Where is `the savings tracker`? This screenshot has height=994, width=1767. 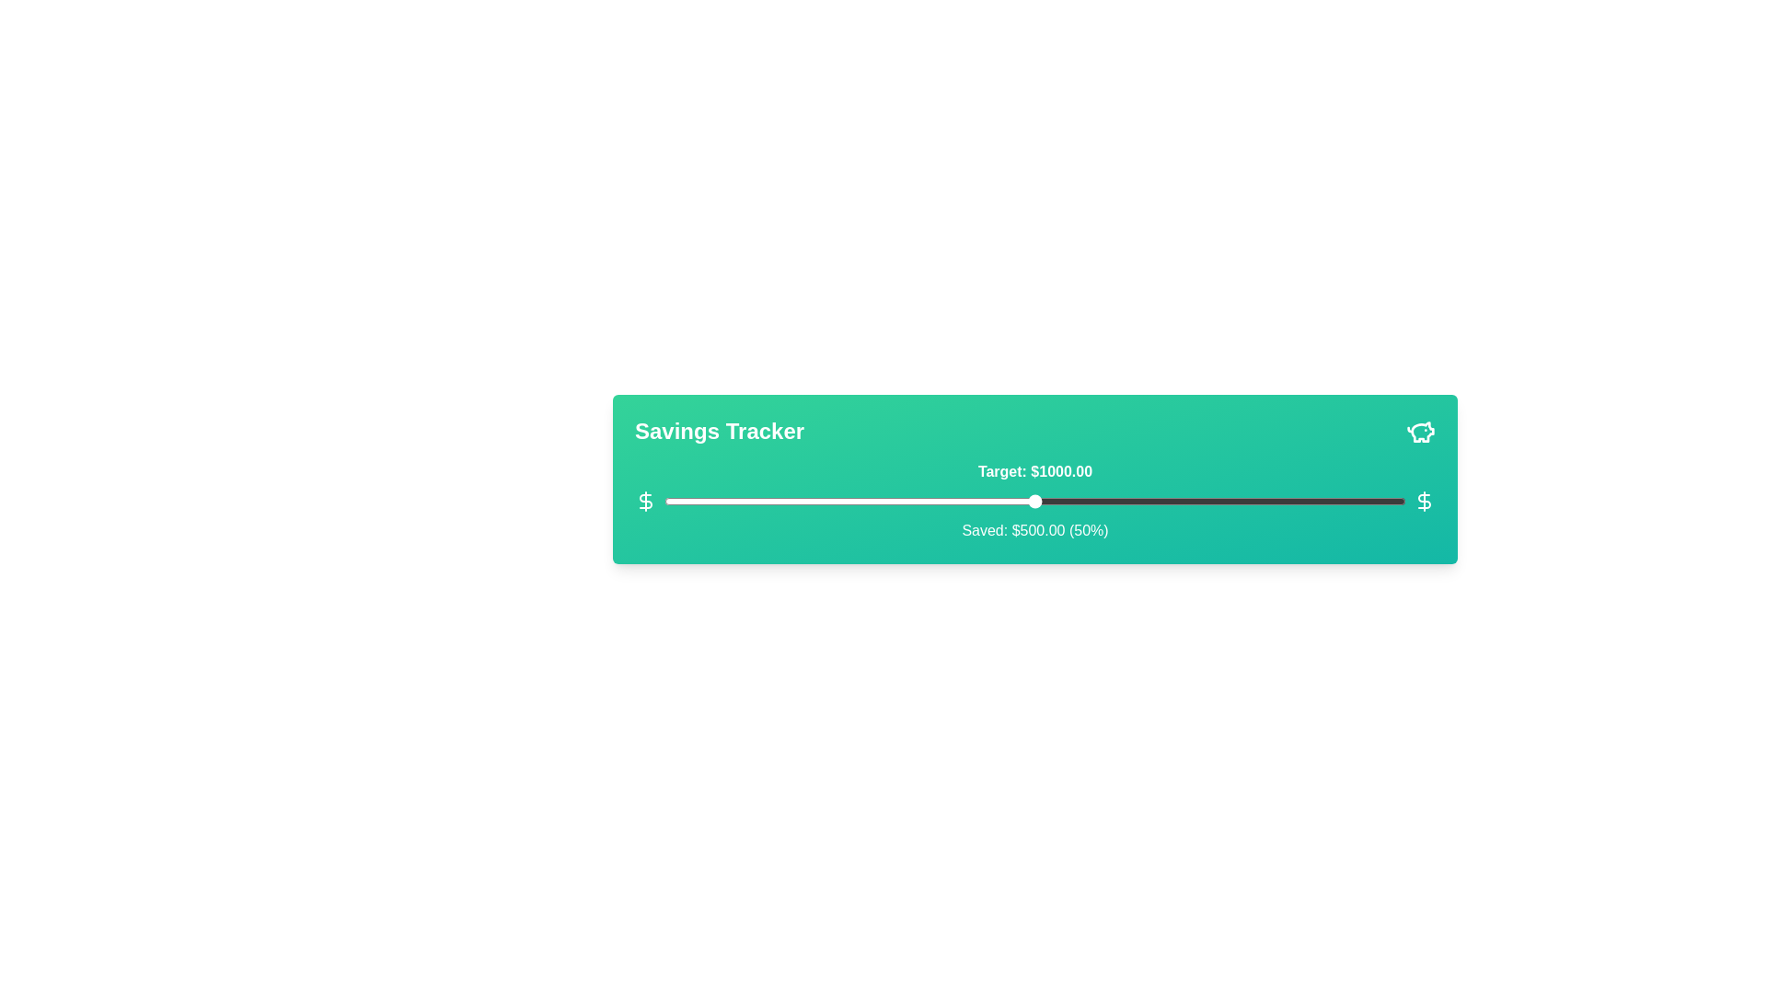
the savings tracker is located at coordinates (982, 501).